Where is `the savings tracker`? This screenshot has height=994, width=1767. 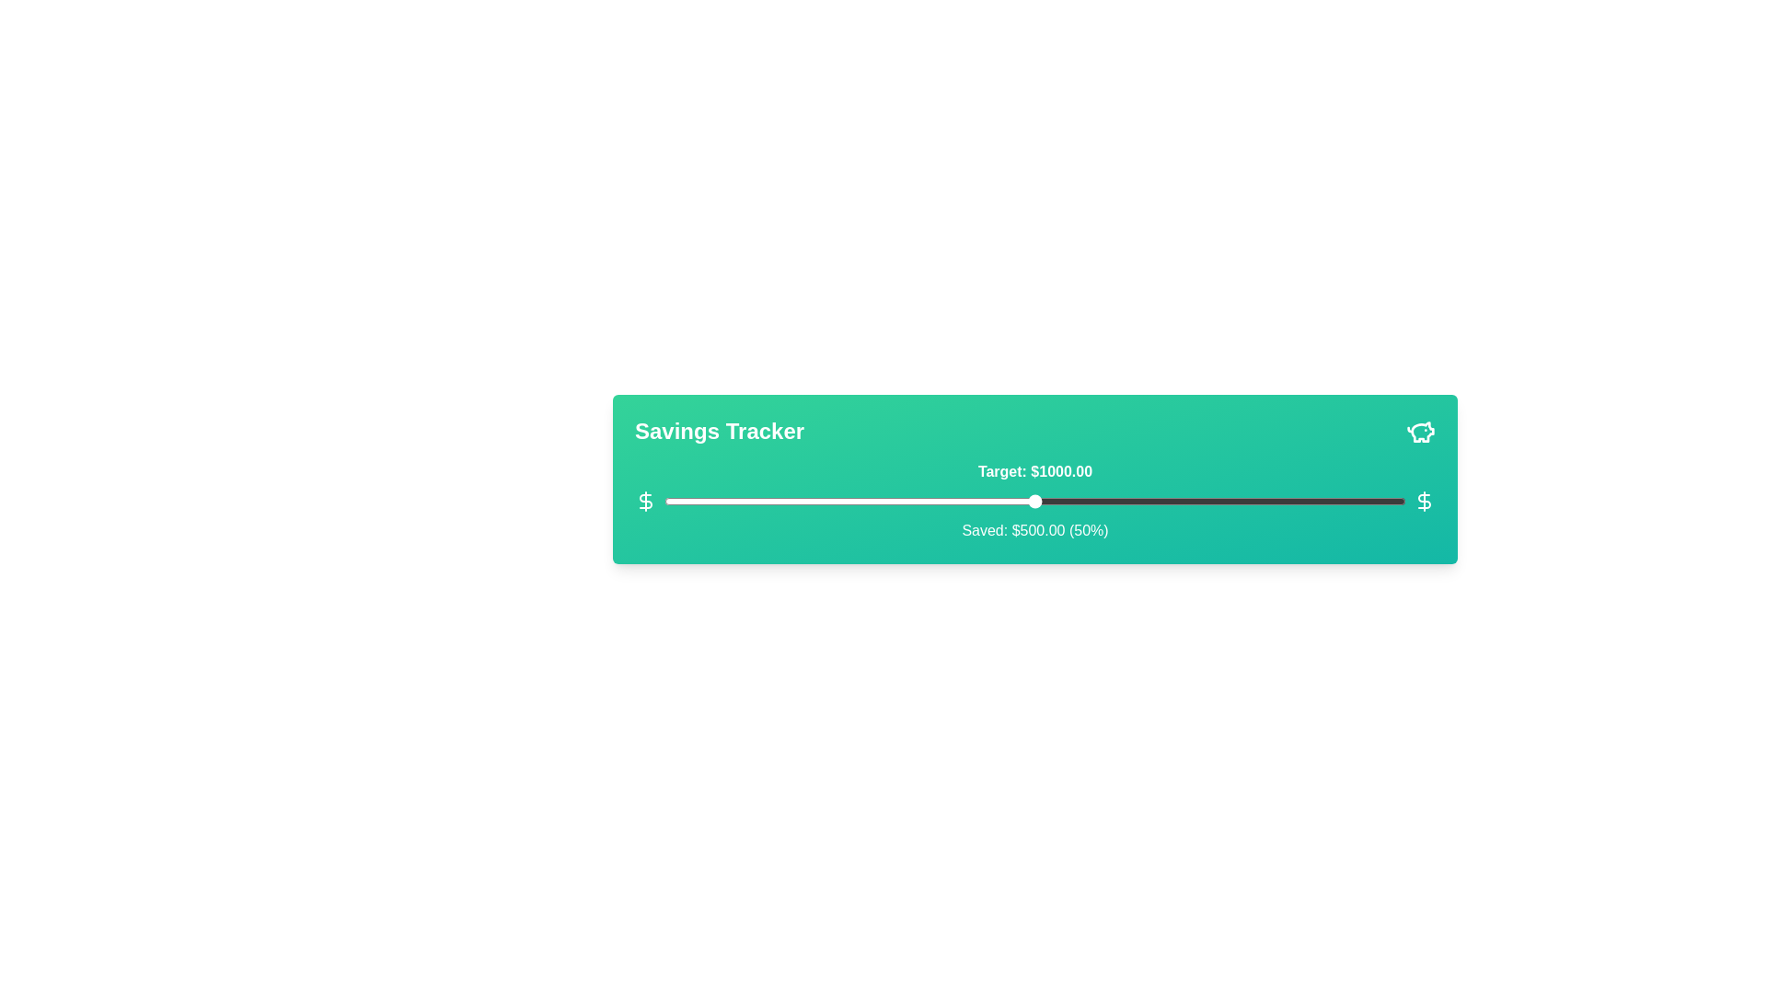
the savings tracker is located at coordinates (982, 501).